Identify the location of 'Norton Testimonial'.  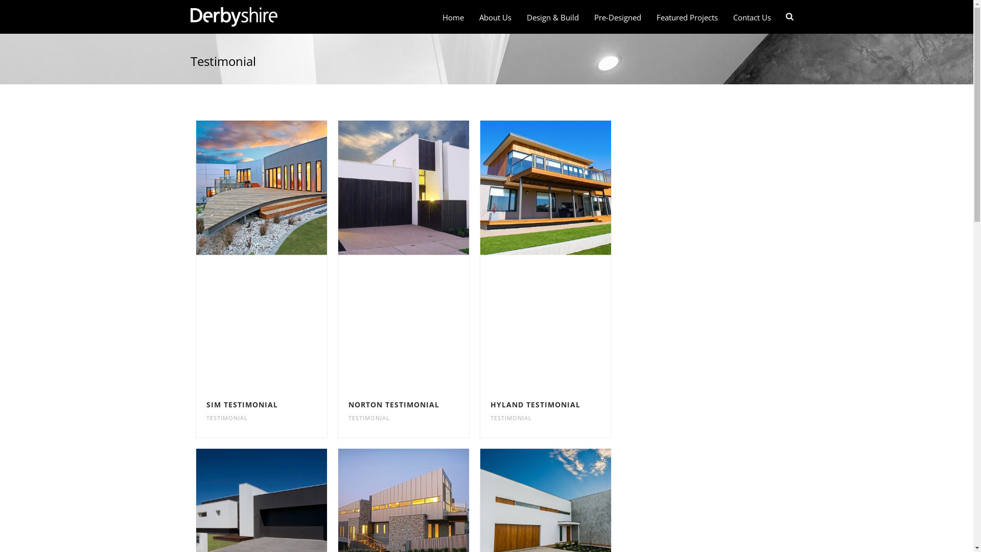
(402, 187).